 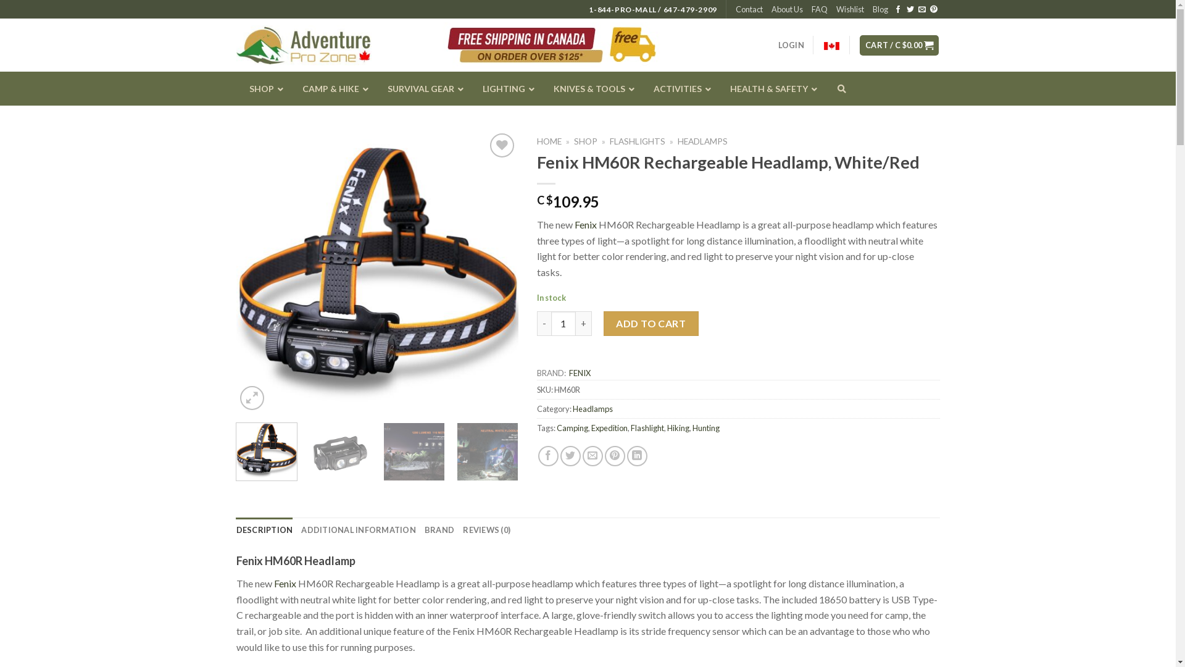 What do you see at coordinates (647, 427) in the screenshot?
I see `'Flashlight'` at bounding box center [647, 427].